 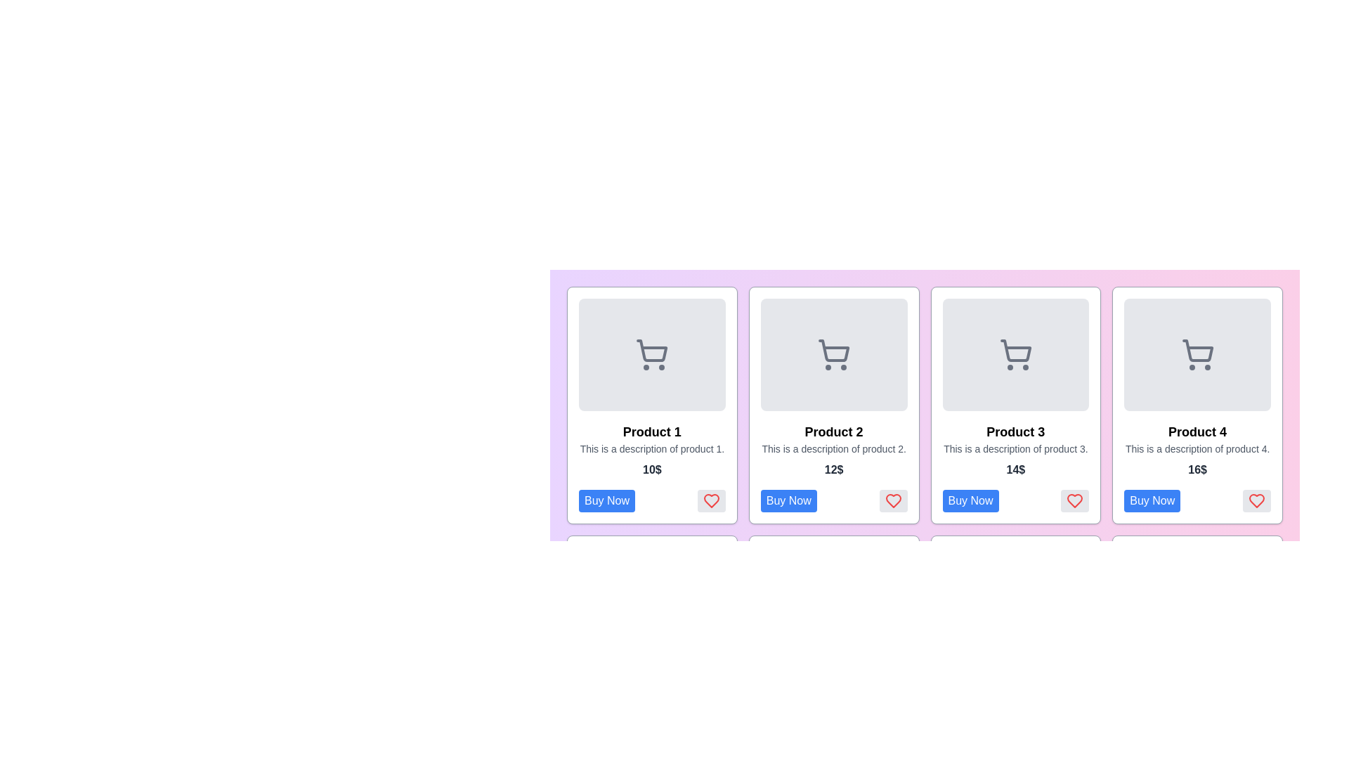 What do you see at coordinates (711, 500) in the screenshot?
I see `the heart-shaped icon with a red stroke to favorite Product 1, located at the bottom-right corner of the card, below the price and beside the 'Buy Now' button` at bounding box center [711, 500].